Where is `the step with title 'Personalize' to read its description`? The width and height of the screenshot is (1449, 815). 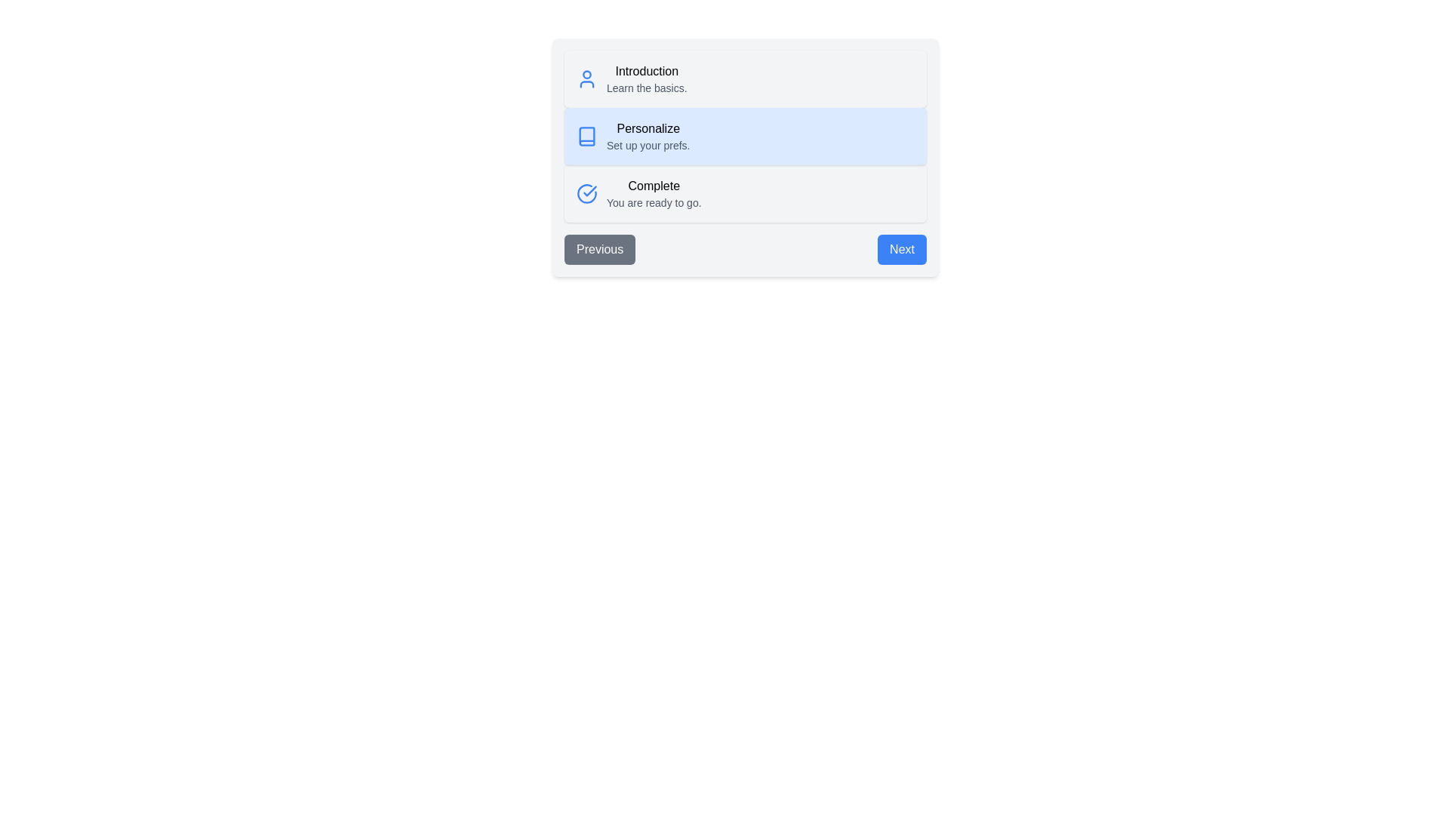
the step with title 'Personalize' to read its description is located at coordinates (648, 137).